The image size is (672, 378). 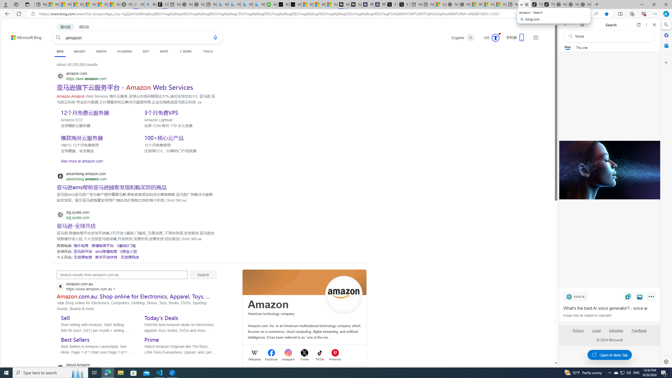 I want to click on 'TOOLS', so click(x=208, y=51).